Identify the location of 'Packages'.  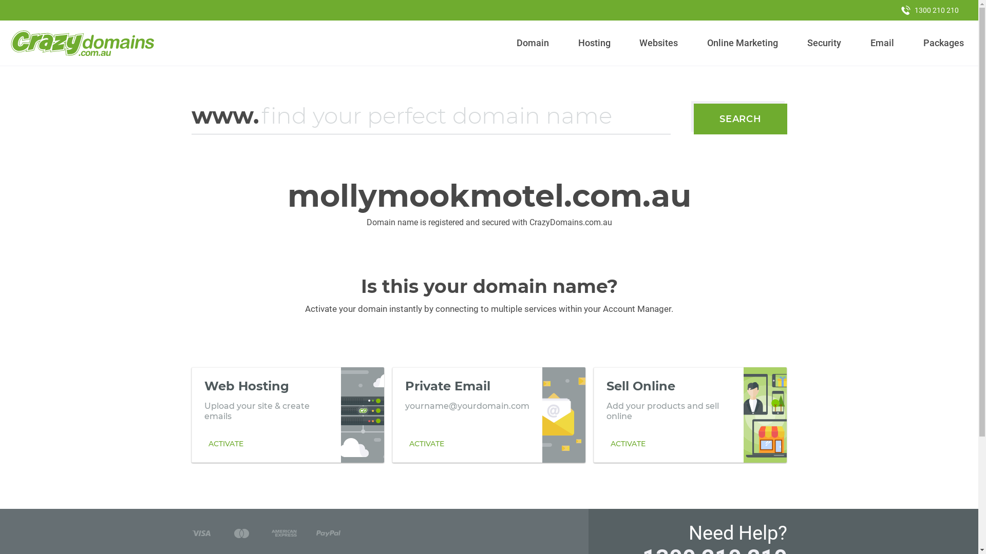
(943, 43).